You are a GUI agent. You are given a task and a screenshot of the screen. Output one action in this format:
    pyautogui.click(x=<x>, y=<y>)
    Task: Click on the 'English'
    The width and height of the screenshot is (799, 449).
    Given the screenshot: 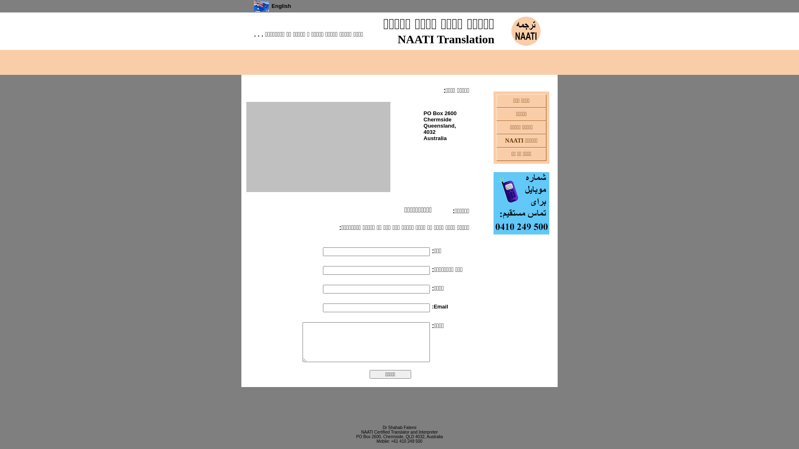 What is the action you would take?
    pyautogui.click(x=271, y=6)
    